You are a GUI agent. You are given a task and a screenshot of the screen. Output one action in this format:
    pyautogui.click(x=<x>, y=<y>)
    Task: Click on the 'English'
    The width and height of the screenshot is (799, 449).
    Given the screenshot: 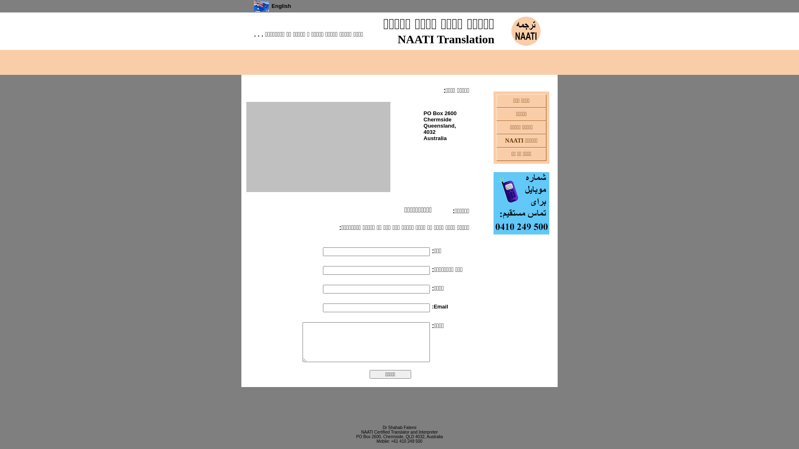 What is the action you would take?
    pyautogui.click(x=271, y=6)
    